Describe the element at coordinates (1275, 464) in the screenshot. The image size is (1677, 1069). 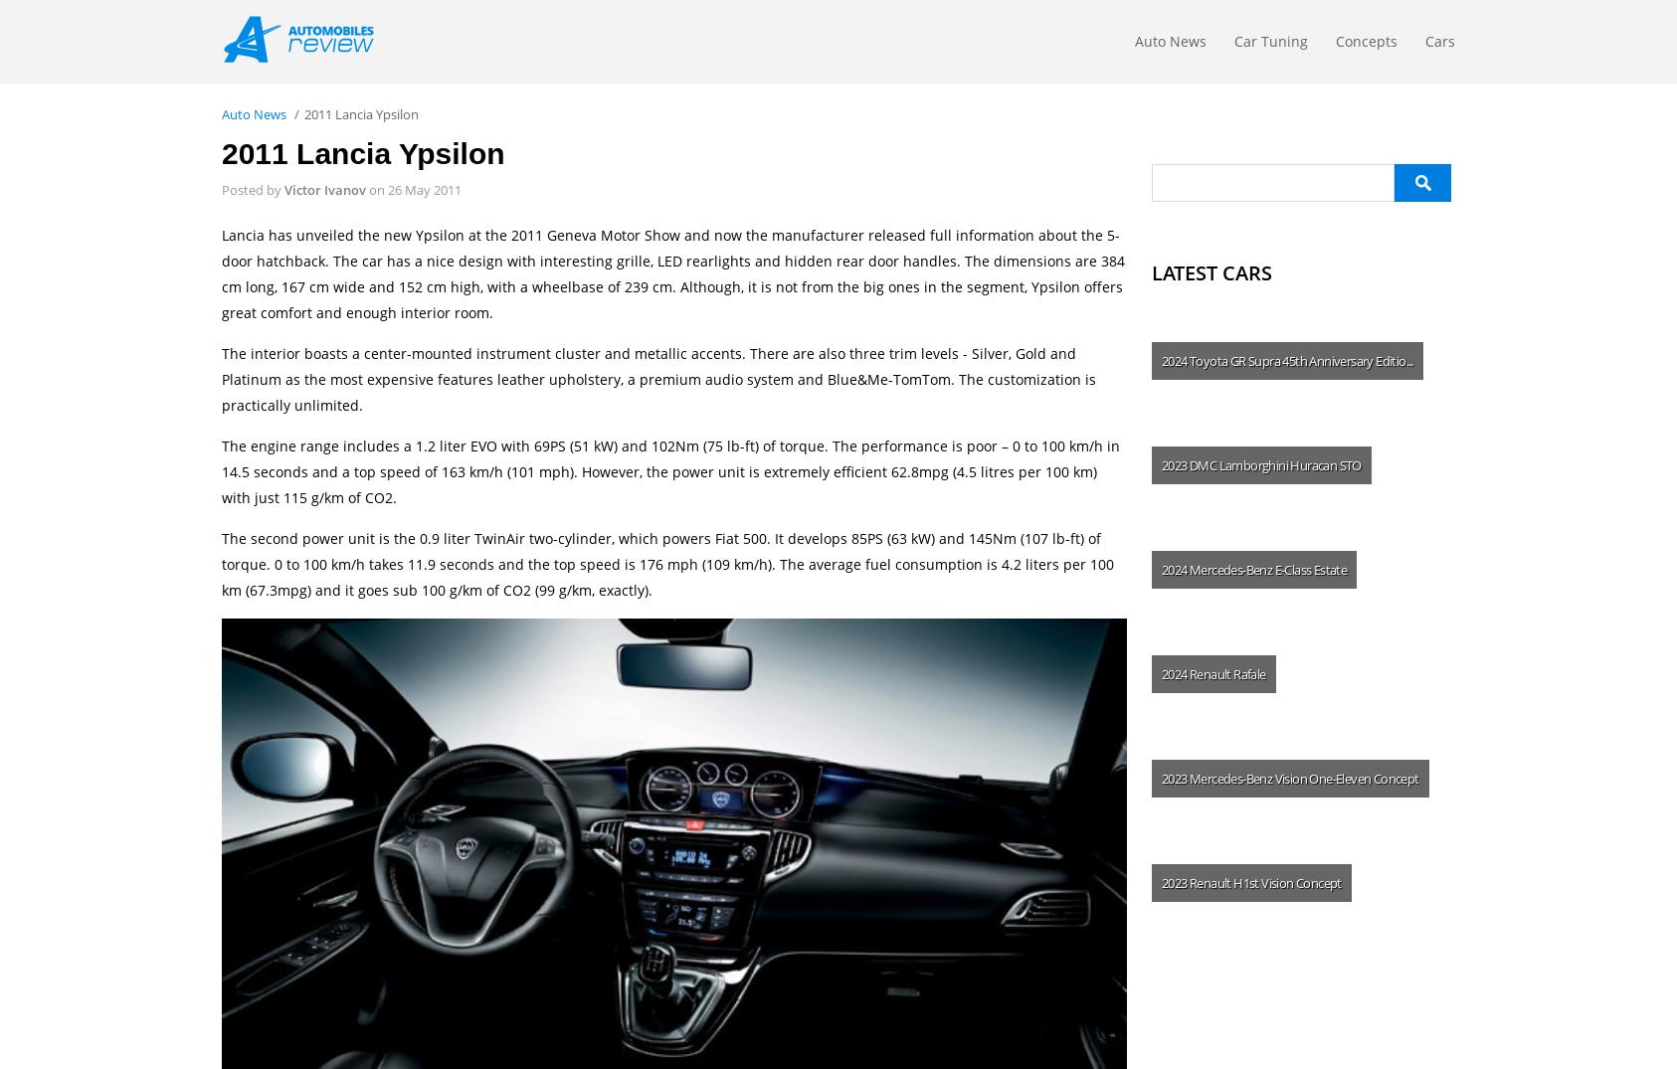
I see `'DMC Lamborghini Huracan STO'` at that location.